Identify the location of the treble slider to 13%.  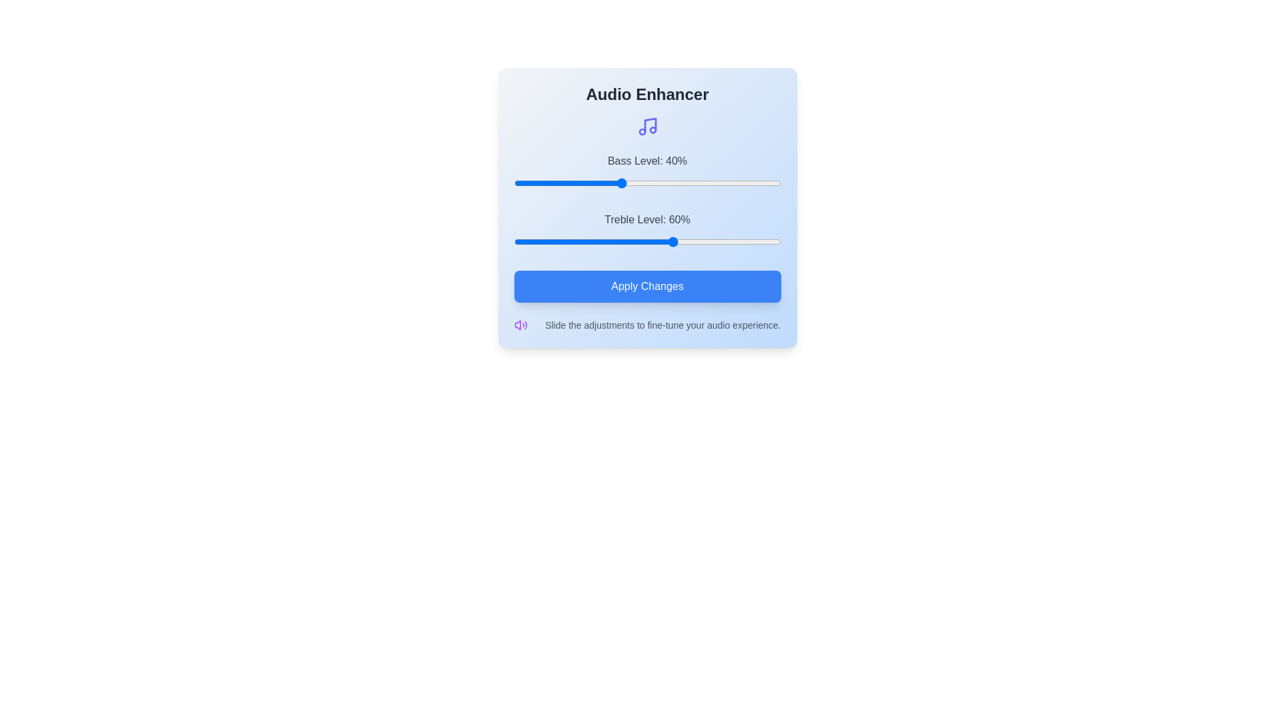
(548, 241).